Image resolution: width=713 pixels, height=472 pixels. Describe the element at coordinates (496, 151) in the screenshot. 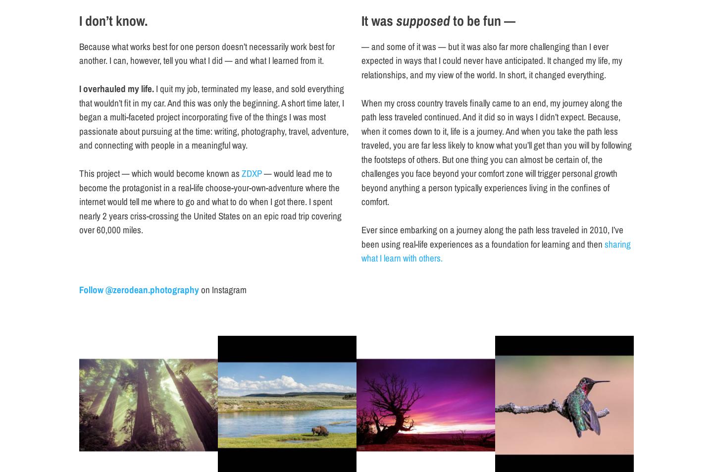

I see `'When my cross country travels finally came to an end, my journey along the path less traveled continued. And it did so in ways I didn’t expect. Because, when it comes down to it, life is a journey. And when you take the path less traveled, you are far less likely to know what you’ll get than you will by following the footsteps of others. But one thing you can almost be certain of, the challenges you face beyond your comfort zone will trigger personal growth beyond anything a person typically experiences living in the confines of comfort.'` at that location.